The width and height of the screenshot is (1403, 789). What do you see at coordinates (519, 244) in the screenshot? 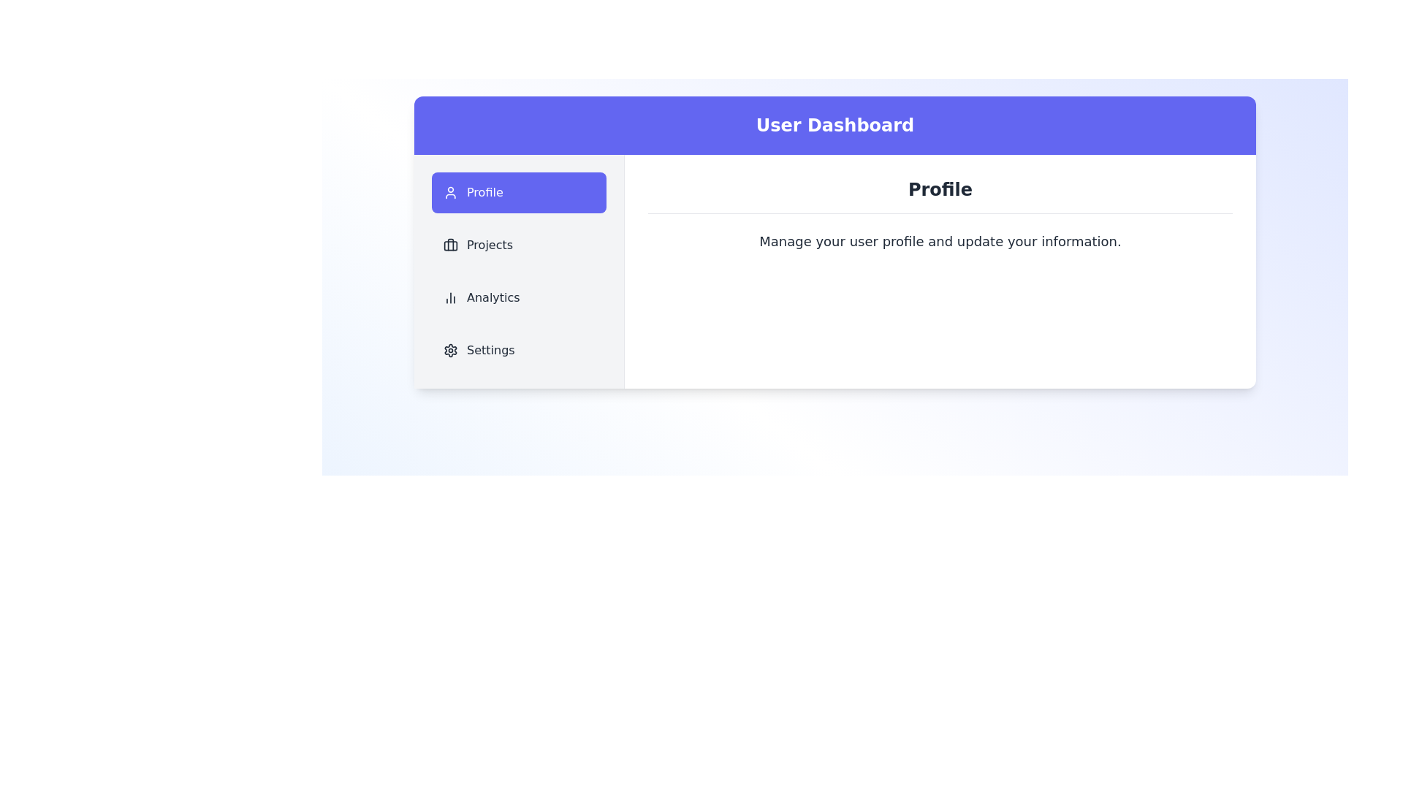
I see `the Projects tab in the sidebar` at bounding box center [519, 244].